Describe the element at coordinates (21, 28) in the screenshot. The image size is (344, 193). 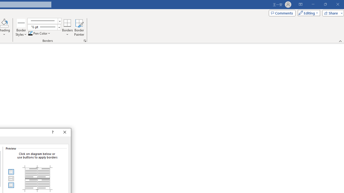
I see `'Border Styles'` at that location.